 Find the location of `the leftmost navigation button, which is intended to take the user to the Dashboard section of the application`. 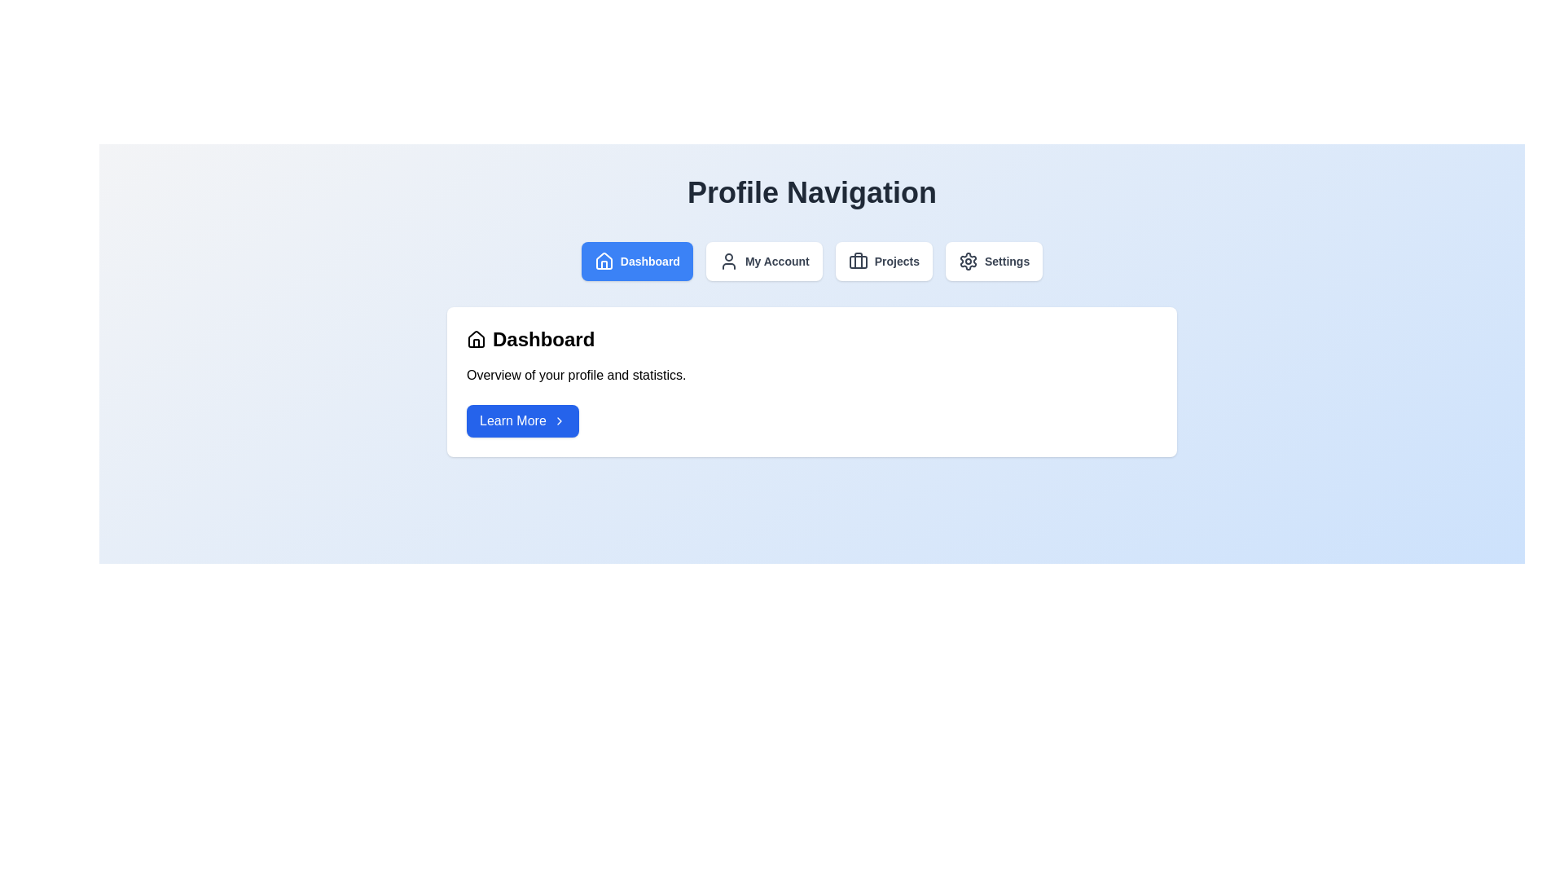

the leftmost navigation button, which is intended to take the user to the Dashboard section of the application is located at coordinates (636, 260).